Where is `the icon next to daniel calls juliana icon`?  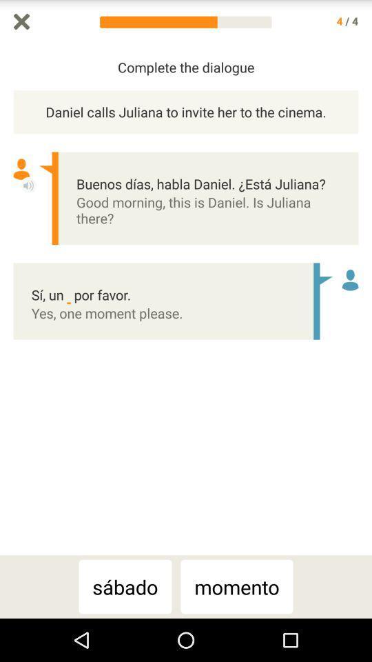
the icon next to daniel calls juliana icon is located at coordinates (365, 299).